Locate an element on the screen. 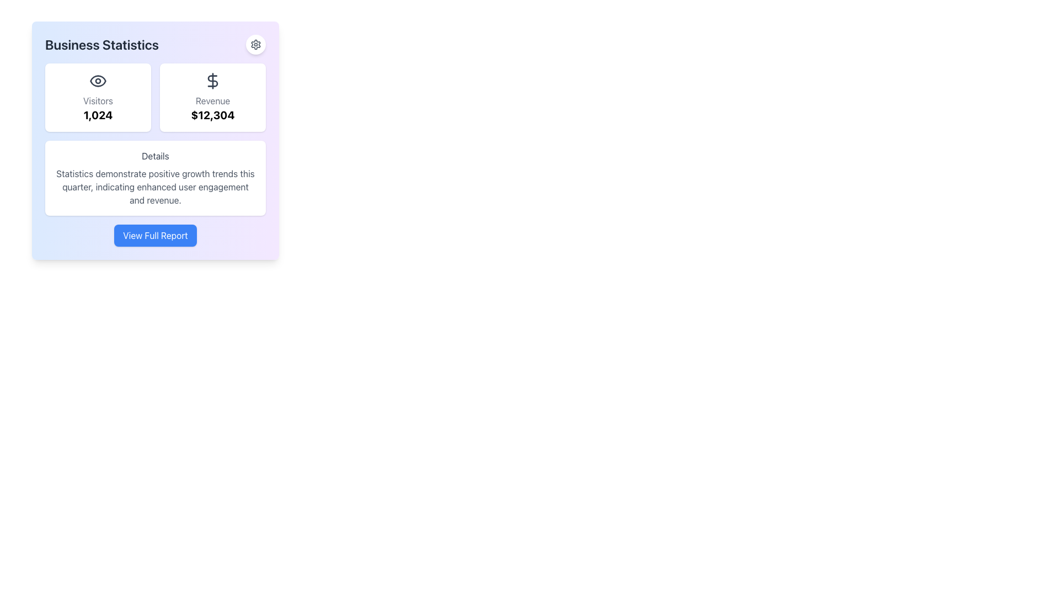  the blue button with rounded corners that reads 'View Full Report' located at the bottom center of the business statistics card is located at coordinates (155, 235).